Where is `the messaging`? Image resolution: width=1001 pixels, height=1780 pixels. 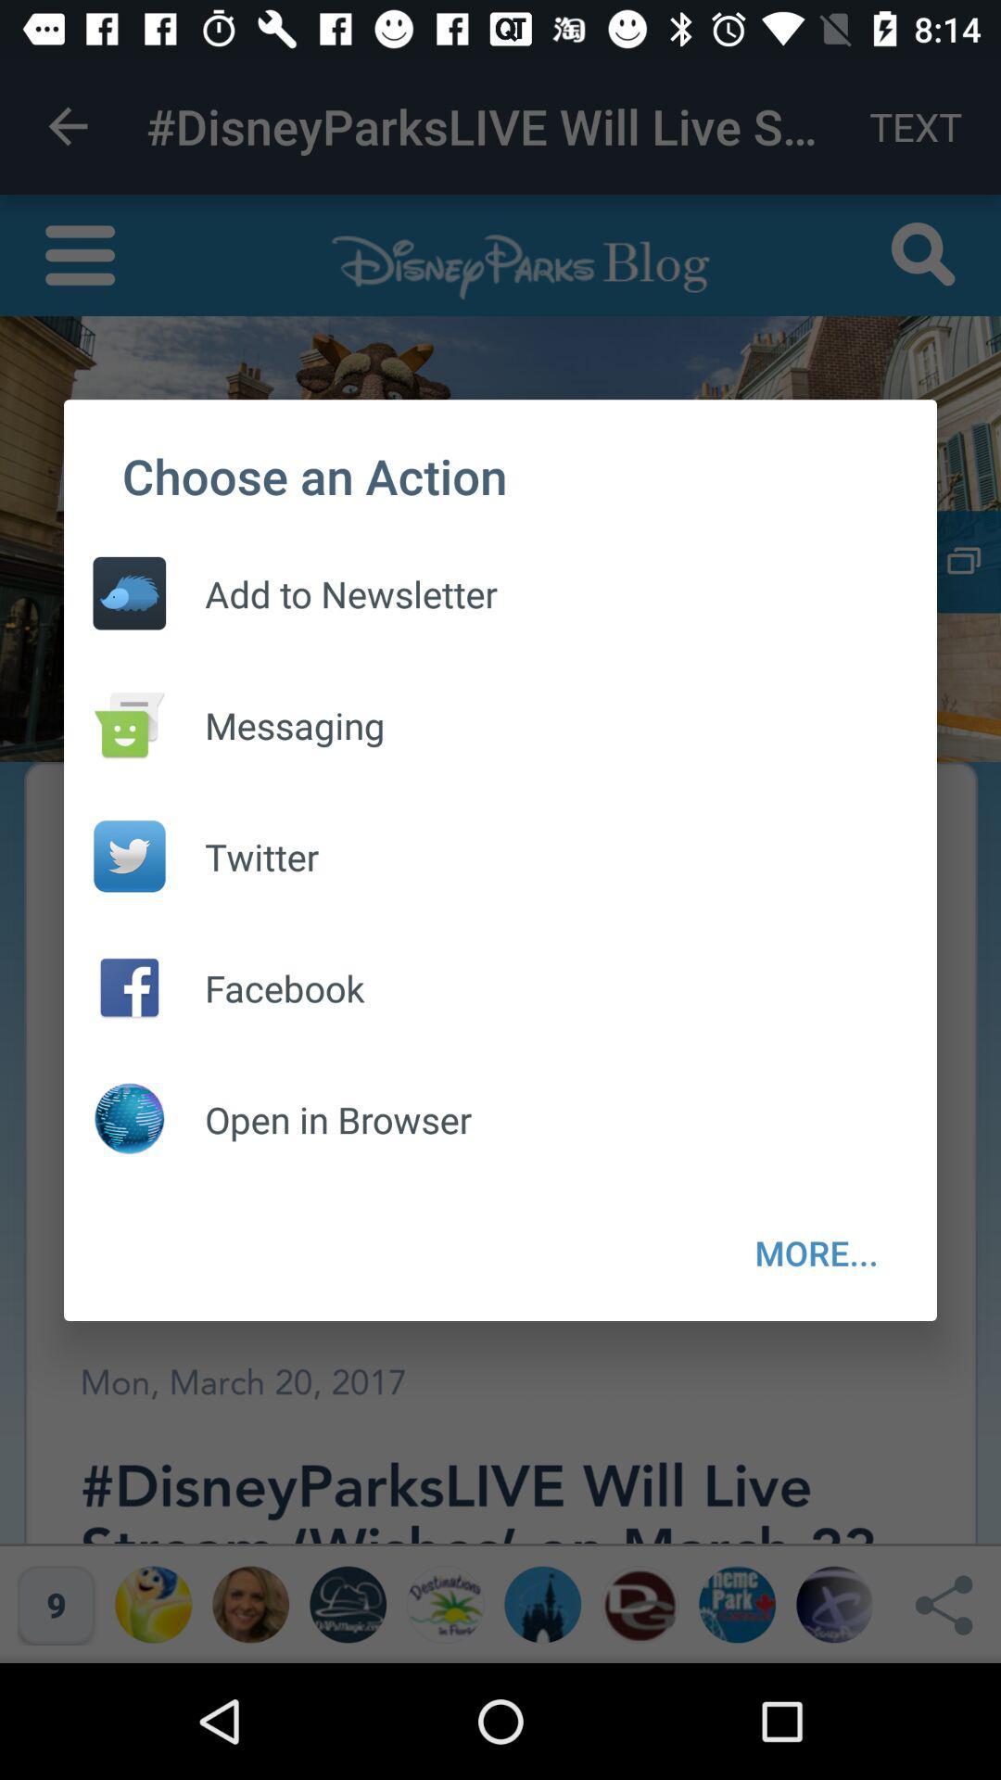 the messaging is located at coordinates (275, 724).